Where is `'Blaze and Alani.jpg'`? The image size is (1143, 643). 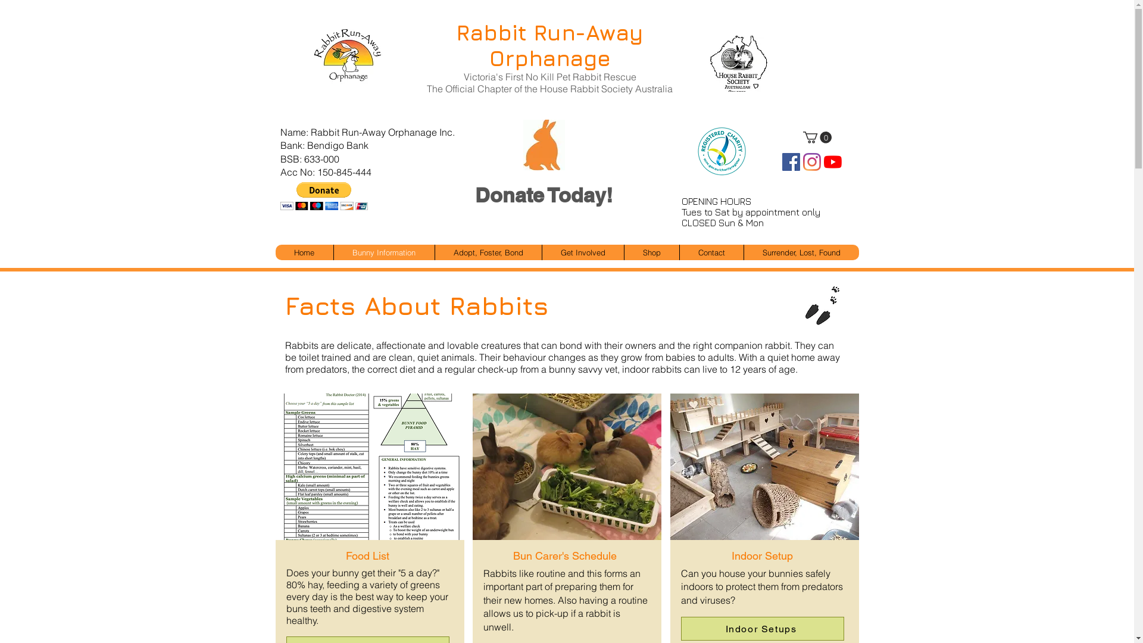 'Blaze and Alani.jpg' is located at coordinates (764, 461).